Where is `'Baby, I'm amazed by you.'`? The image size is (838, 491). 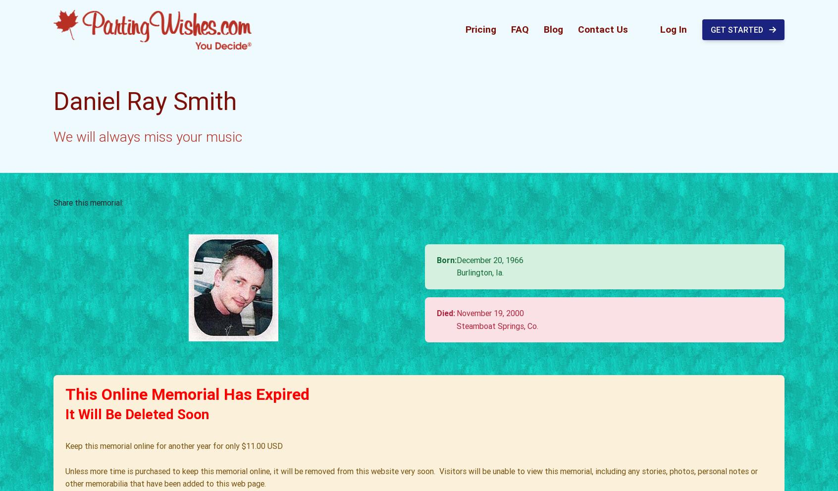 'Baby, I'm amazed by you.' is located at coordinates (153, 405).